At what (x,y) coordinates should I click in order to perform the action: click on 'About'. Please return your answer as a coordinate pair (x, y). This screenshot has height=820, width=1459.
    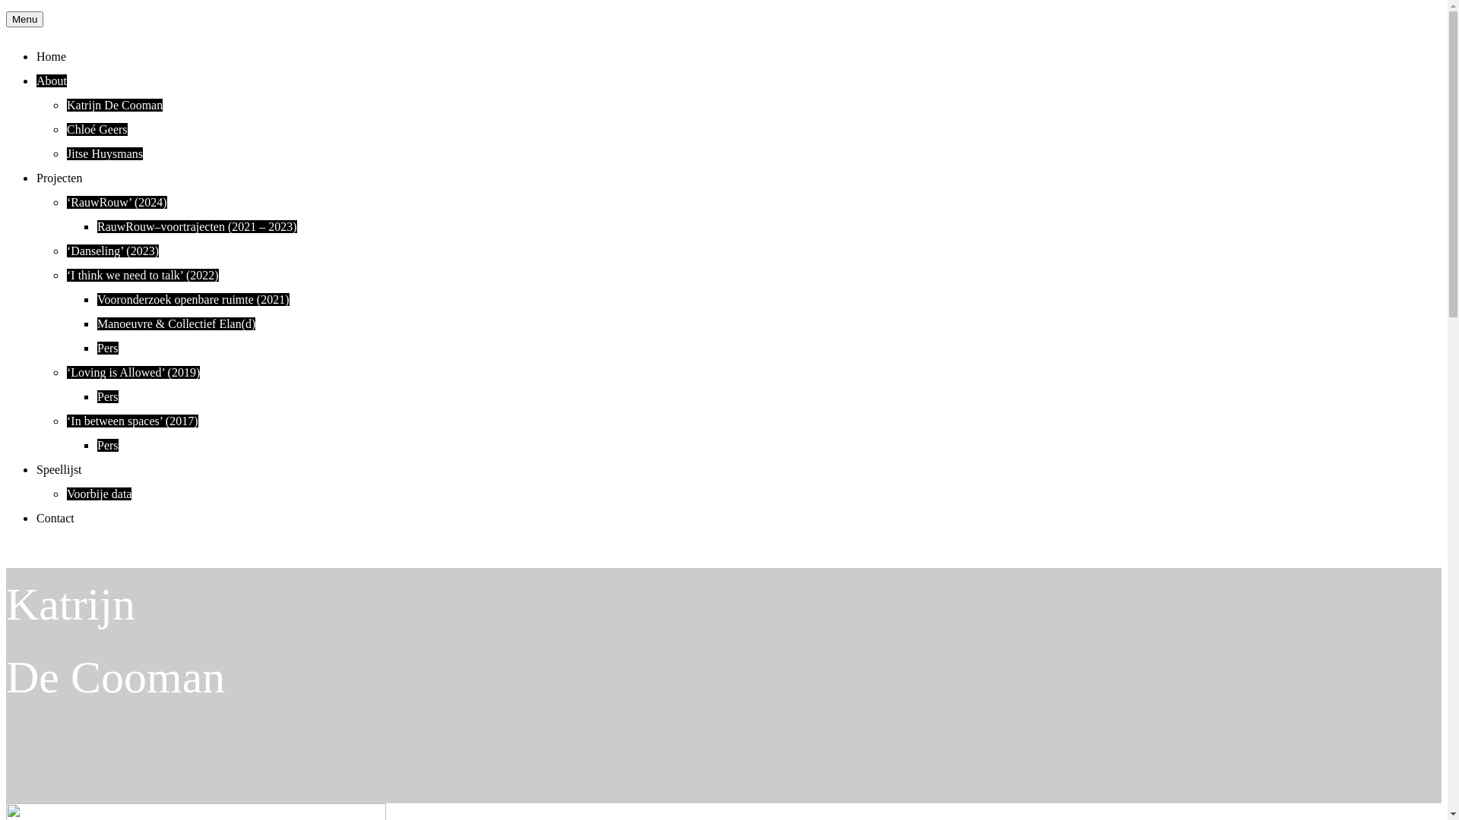
    Looking at the image, I should click on (51, 80).